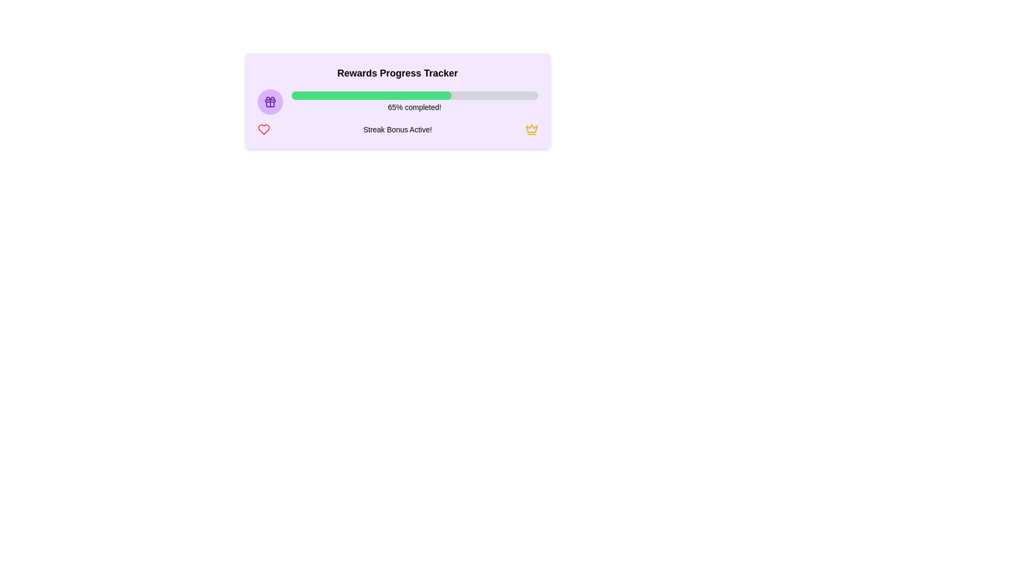 This screenshot has width=1020, height=574. Describe the element at coordinates (371, 96) in the screenshot. I see `progress indicator that visually represents 65% completion within the 'Rewards Progress Tracker' card` at that location.